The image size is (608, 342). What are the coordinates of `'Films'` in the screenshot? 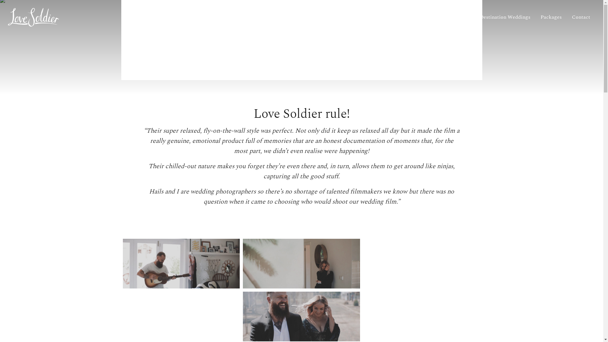 It's located at (463, 17).